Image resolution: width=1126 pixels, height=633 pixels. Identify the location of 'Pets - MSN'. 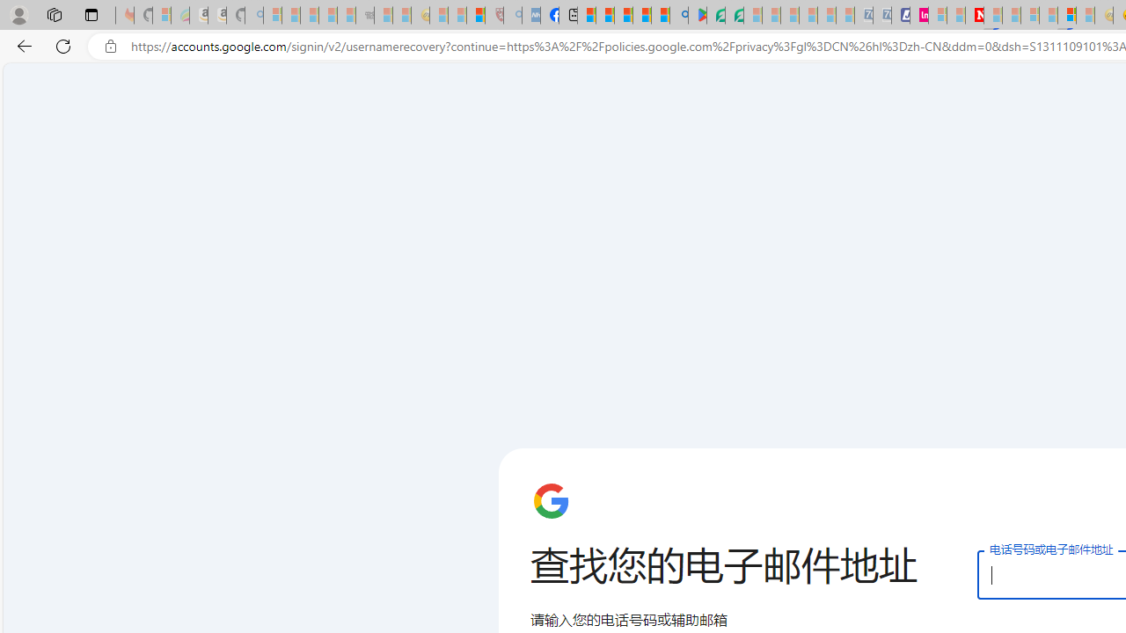
(640, 15).